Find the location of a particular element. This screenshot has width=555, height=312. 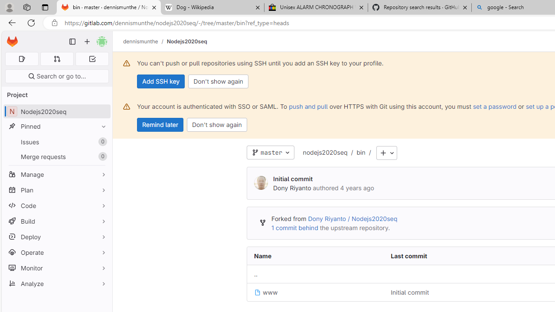

'Dony Riyanto' is located at coordinates (292, 187).